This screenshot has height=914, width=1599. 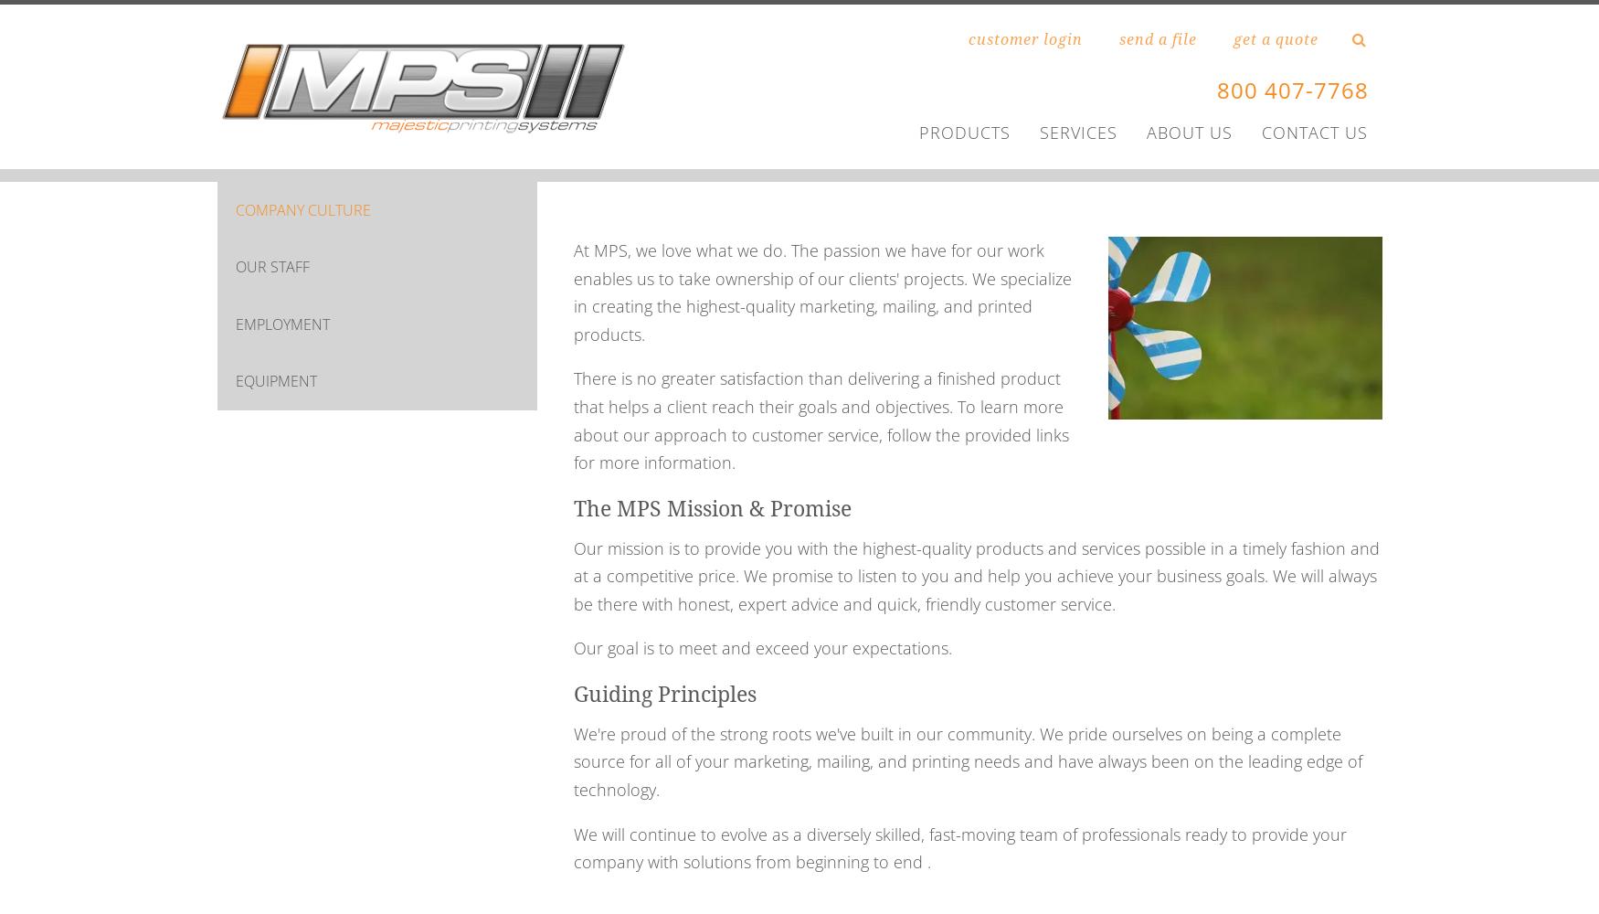 I want to click on 'Our mission is to provide you with the highest-quality products and services possible in a timely fashion and at a competitive price. We promise to listen to you and help you achieve your business goals. We will always be there with honest, expert advice and quick, friendly customer service.', so click(x=976, y=575).